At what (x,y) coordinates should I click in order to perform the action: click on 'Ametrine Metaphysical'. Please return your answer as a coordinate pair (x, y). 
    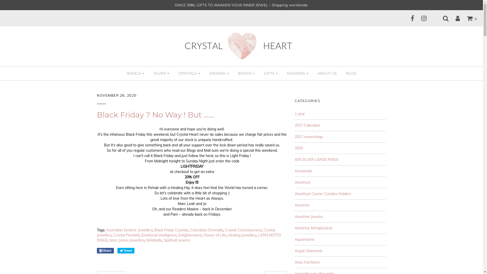
    Looking at the image, I should click on (313, 228).